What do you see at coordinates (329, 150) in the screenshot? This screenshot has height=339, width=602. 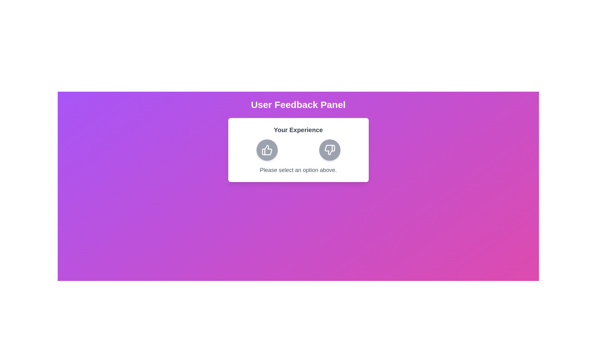 I see `the thumbs down button to give negative feedback` at bounding box center [329, 150].